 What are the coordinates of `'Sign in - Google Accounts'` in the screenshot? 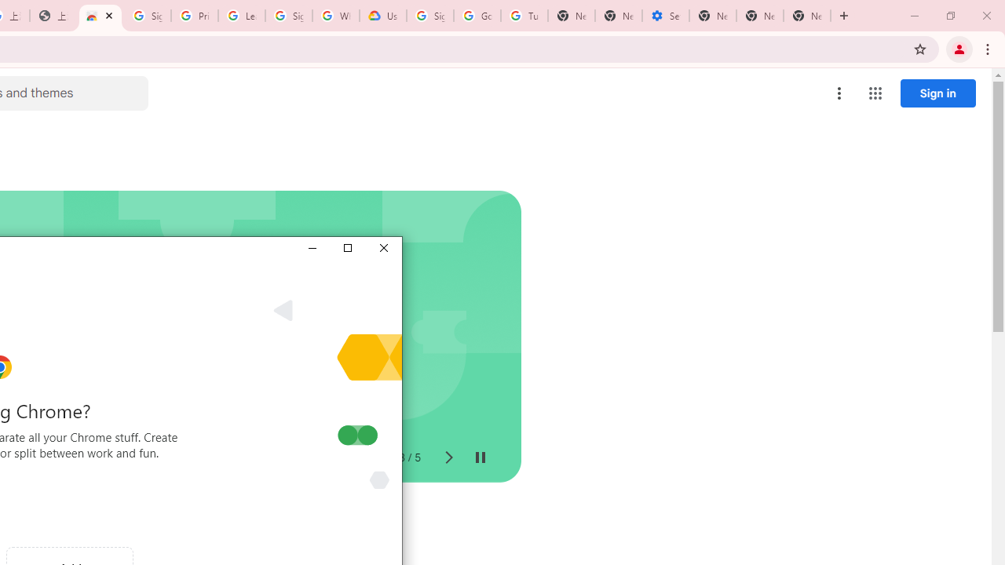 It's located at (147, 16).